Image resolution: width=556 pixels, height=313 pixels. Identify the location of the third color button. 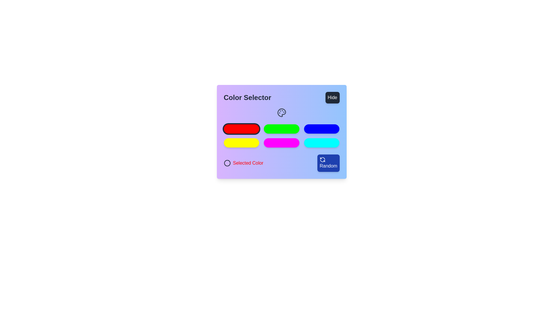
(281, 140).